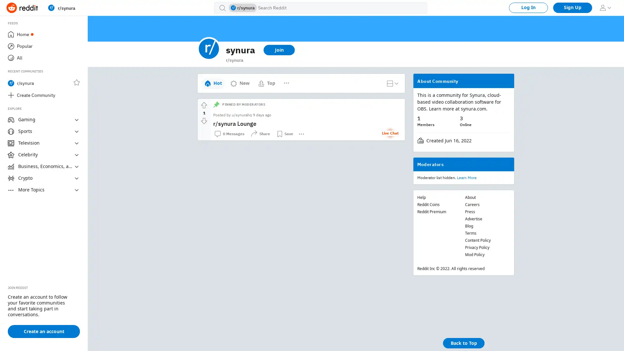 Image resolution: width=624 pixels, height=351 pixels. What do you see at coordinates (528, 7) in the screenshot?
I see `Log In` at bounding box center [528, 7].